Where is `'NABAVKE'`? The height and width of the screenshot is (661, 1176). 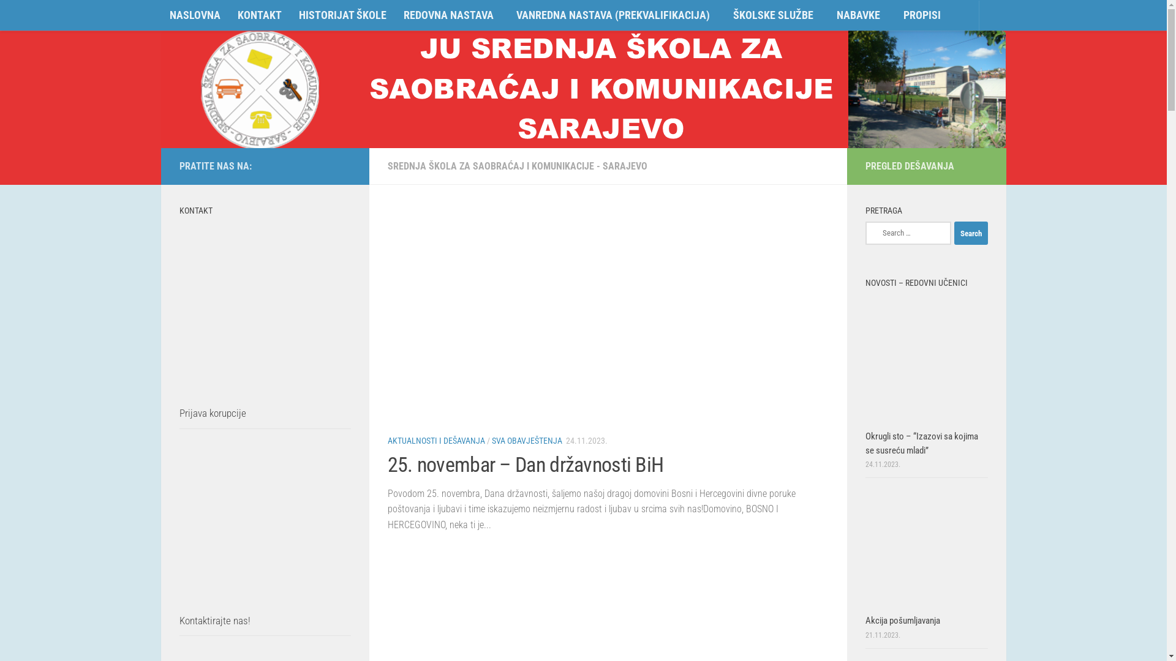
'NABAVKE' is located at coordinates (828, 15).